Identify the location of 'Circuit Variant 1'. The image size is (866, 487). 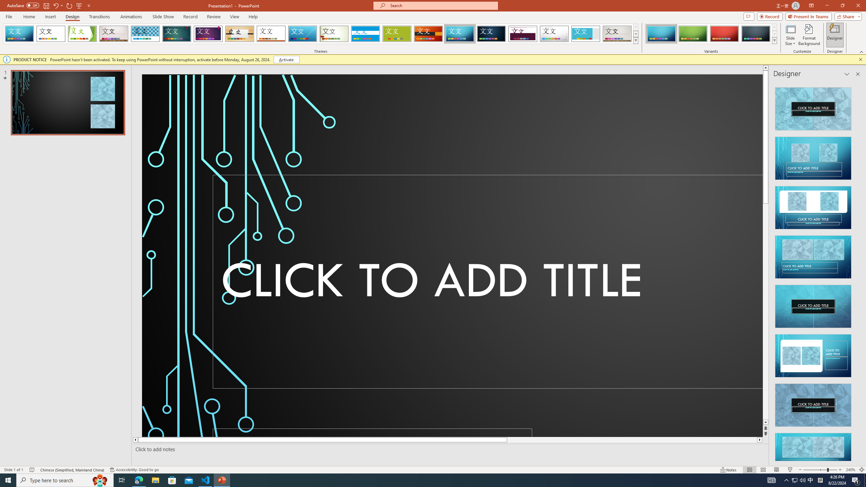
(661, 33).